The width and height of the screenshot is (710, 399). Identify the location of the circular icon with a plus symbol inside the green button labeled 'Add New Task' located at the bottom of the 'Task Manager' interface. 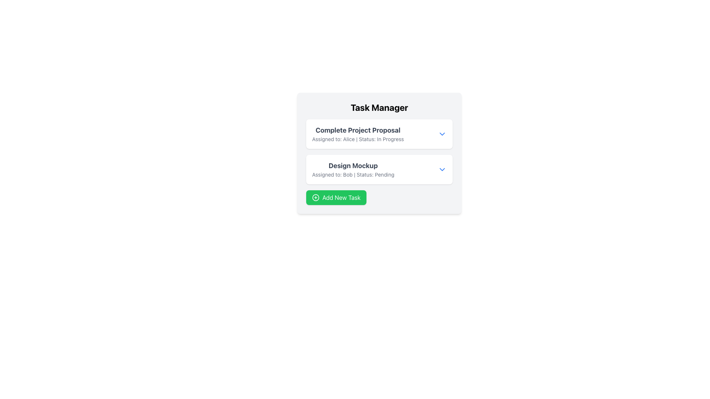
(316, 197).